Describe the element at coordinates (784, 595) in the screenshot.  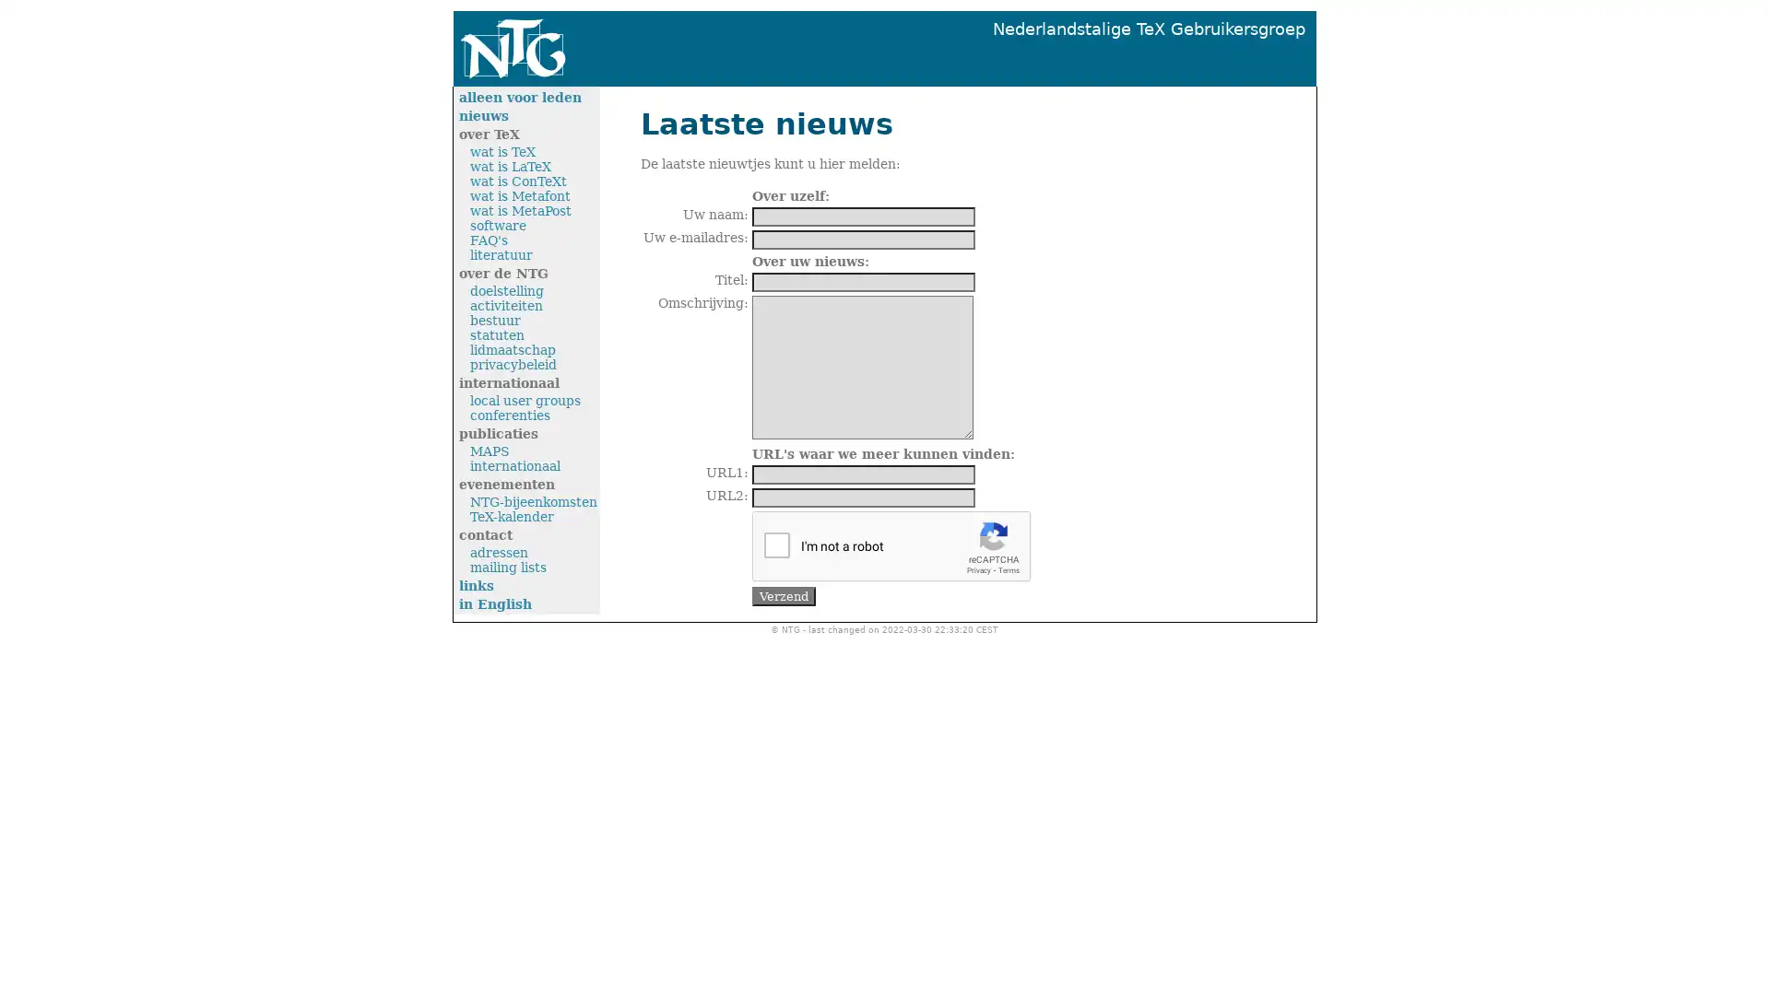
I see `Verzend` at that location.